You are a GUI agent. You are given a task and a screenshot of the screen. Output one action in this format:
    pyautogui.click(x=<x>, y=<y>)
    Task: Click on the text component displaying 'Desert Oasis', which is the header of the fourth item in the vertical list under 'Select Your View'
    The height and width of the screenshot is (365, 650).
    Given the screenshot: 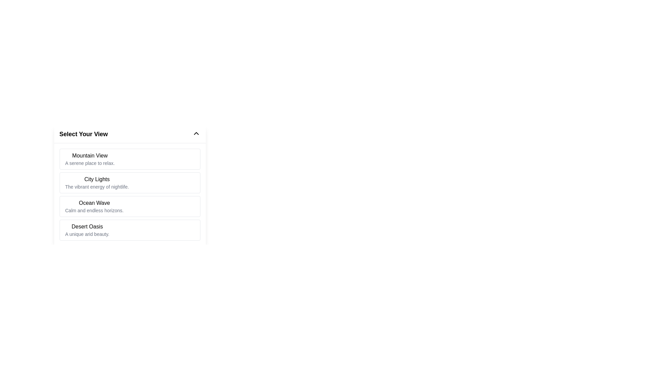 What is the action you would take?
    pyautogui.click(x=87, y=227)
    